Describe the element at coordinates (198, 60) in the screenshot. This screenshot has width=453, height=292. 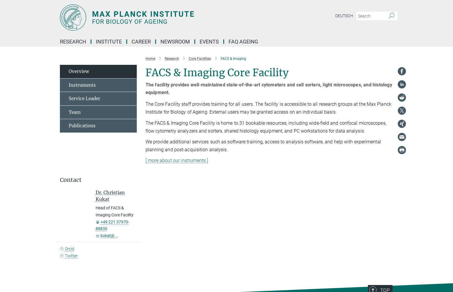
I see `'Organisation'` at that location.